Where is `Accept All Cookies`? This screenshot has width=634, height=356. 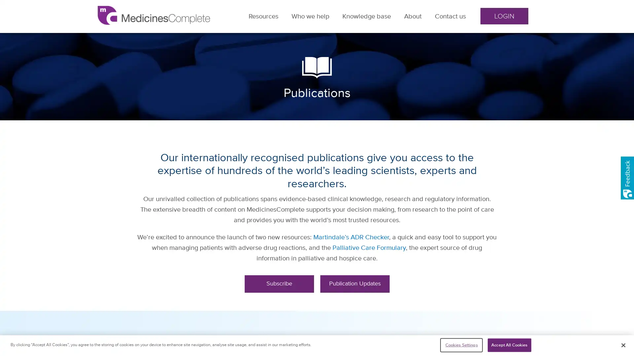 Accept All Cookies is located at coordinates (509, 344).